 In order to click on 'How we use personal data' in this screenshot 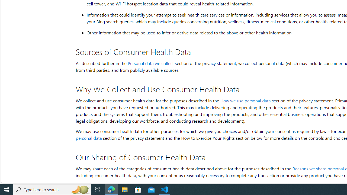, I will do `click(245, 100)`.